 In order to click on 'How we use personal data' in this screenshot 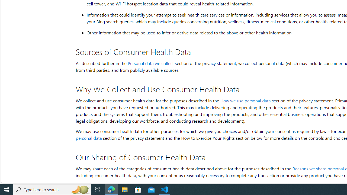, I will do `click(245, 100)`.